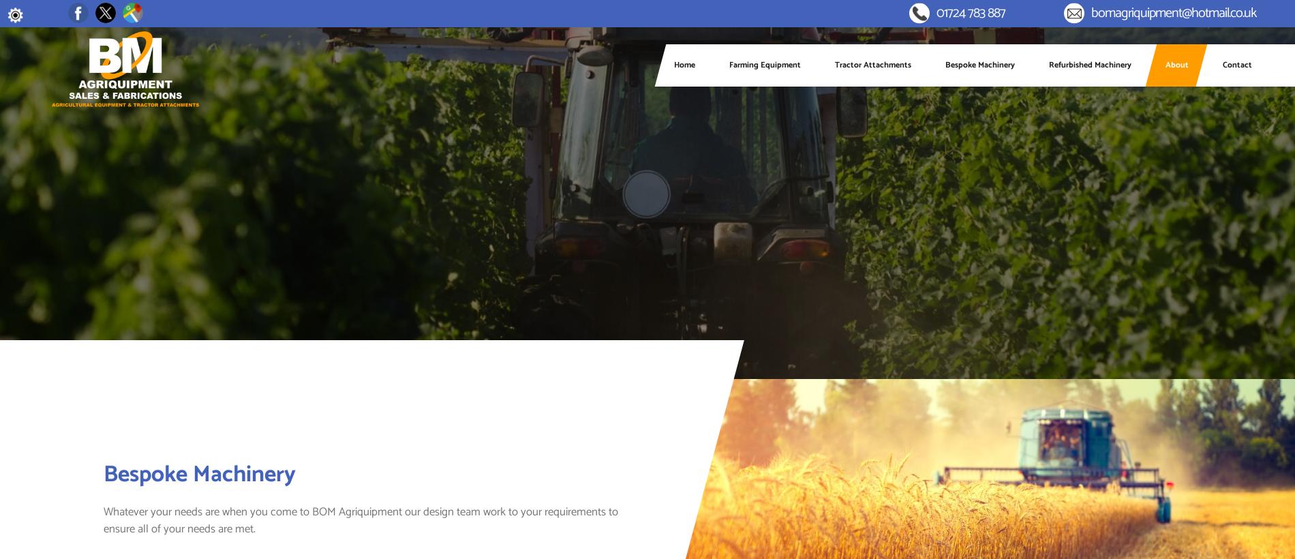 The height and width of the screenshot is (559, 1295). I want to click on 'Whatever your needs are when you come to BOM Agriquipment our design team work to your requirements to ensure all of your needs are met.', so click(361, 519).